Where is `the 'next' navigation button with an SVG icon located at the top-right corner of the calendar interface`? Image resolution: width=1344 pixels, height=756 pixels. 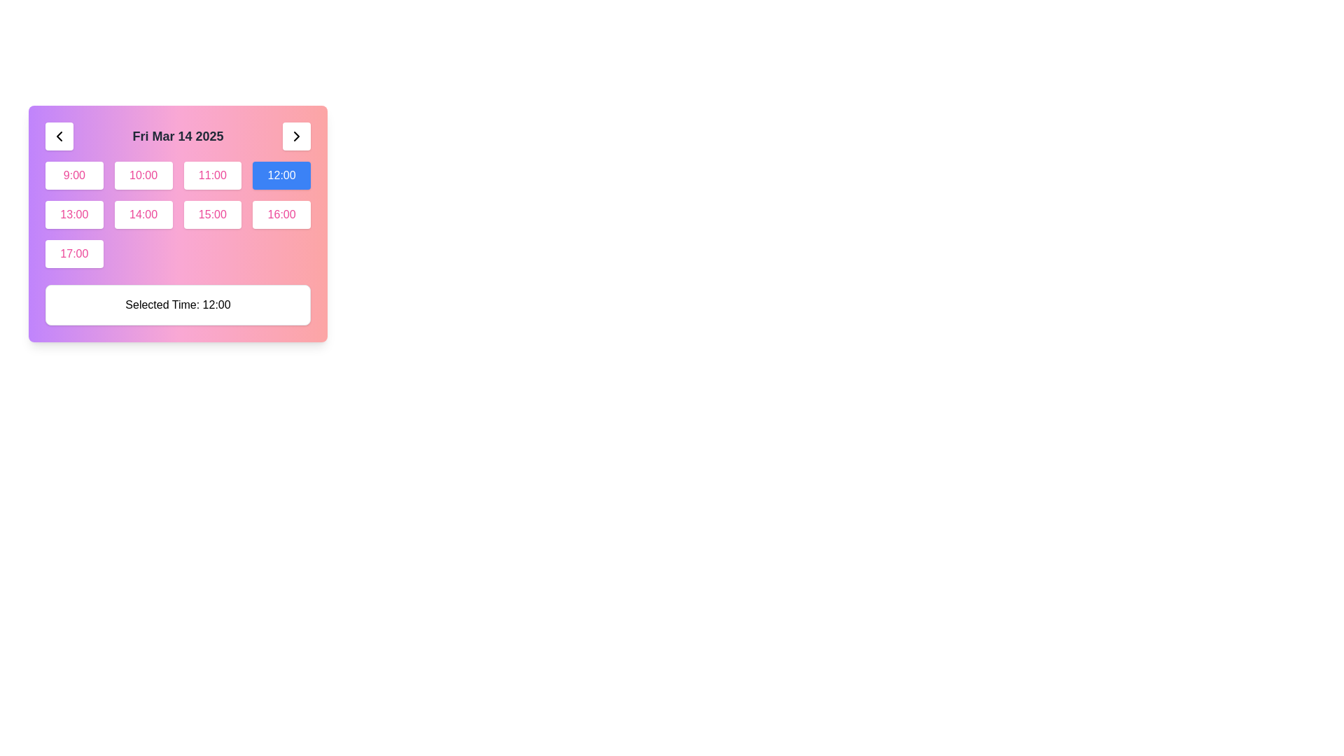 the 'next' navigation button with an SVG icon located at the top-right corner of the calendar interface is located at coordinates (295, 136).